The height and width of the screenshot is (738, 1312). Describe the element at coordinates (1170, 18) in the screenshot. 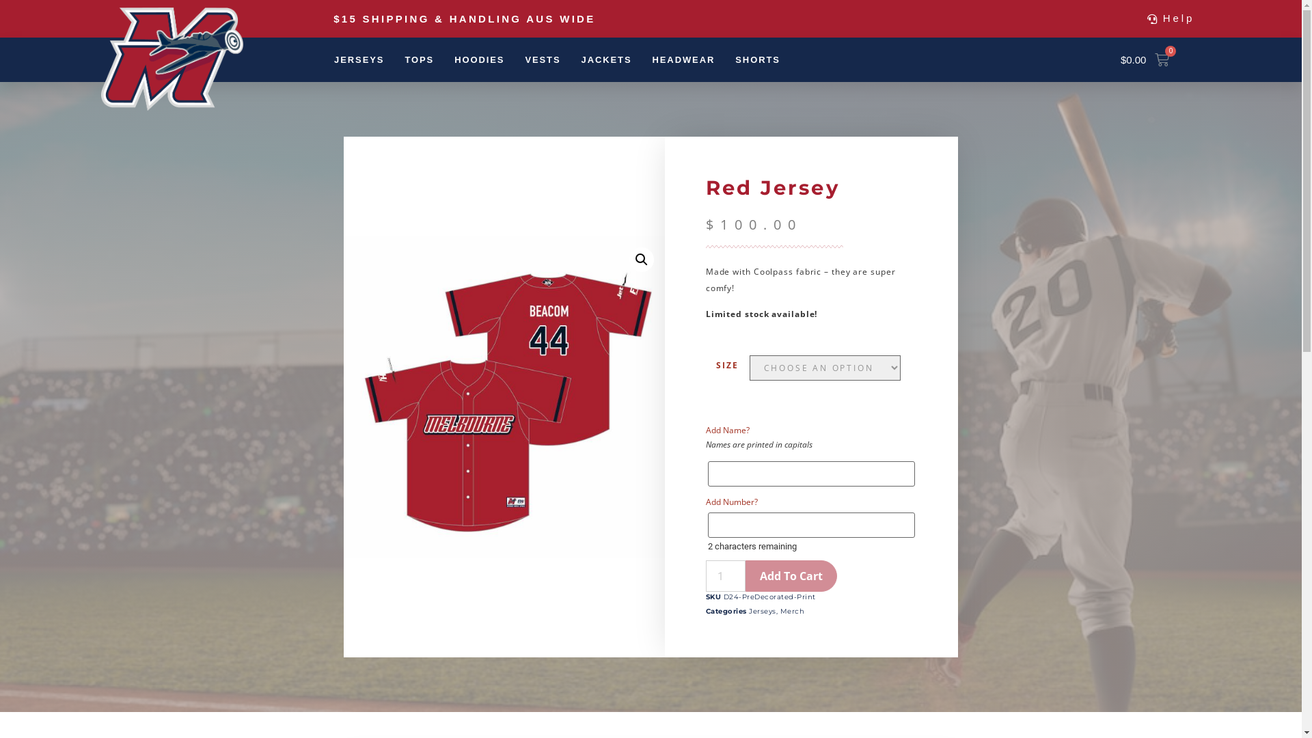

I see `'Help'` at that location.